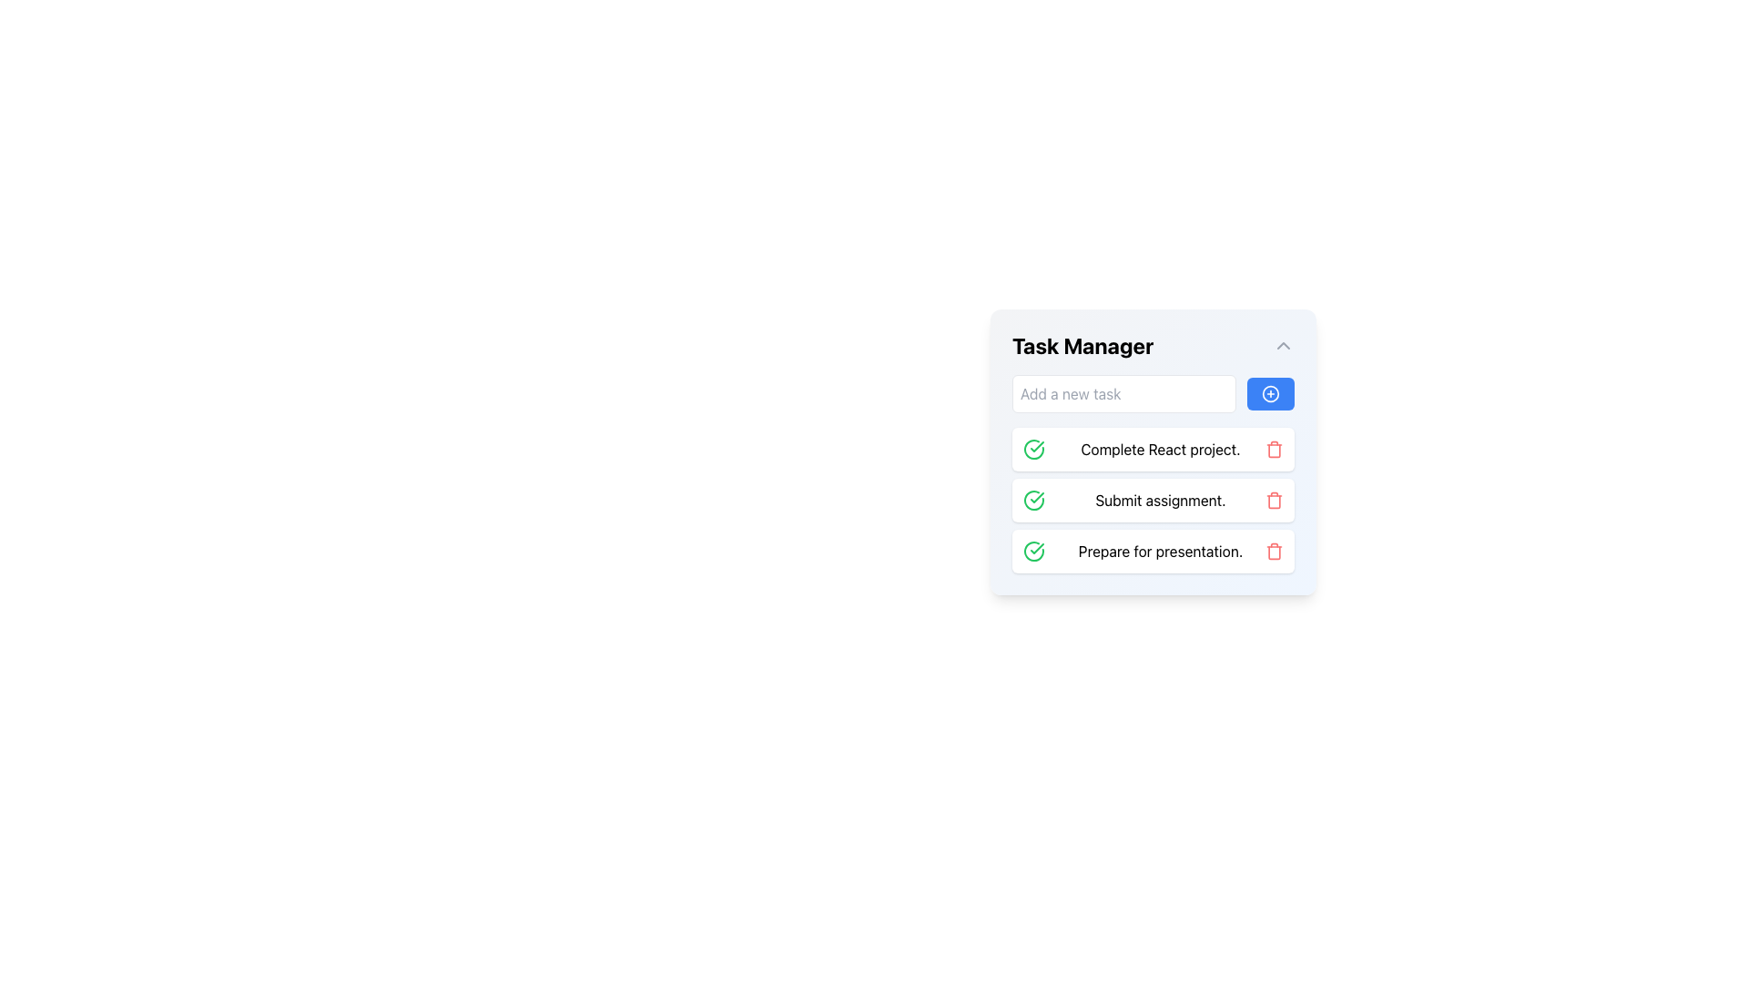 The width and height of the screenshot is (1748, 983). I want to click on the button in the task input section of the Task Manager interface to provide feedback before clicking, so click(1153, 392).